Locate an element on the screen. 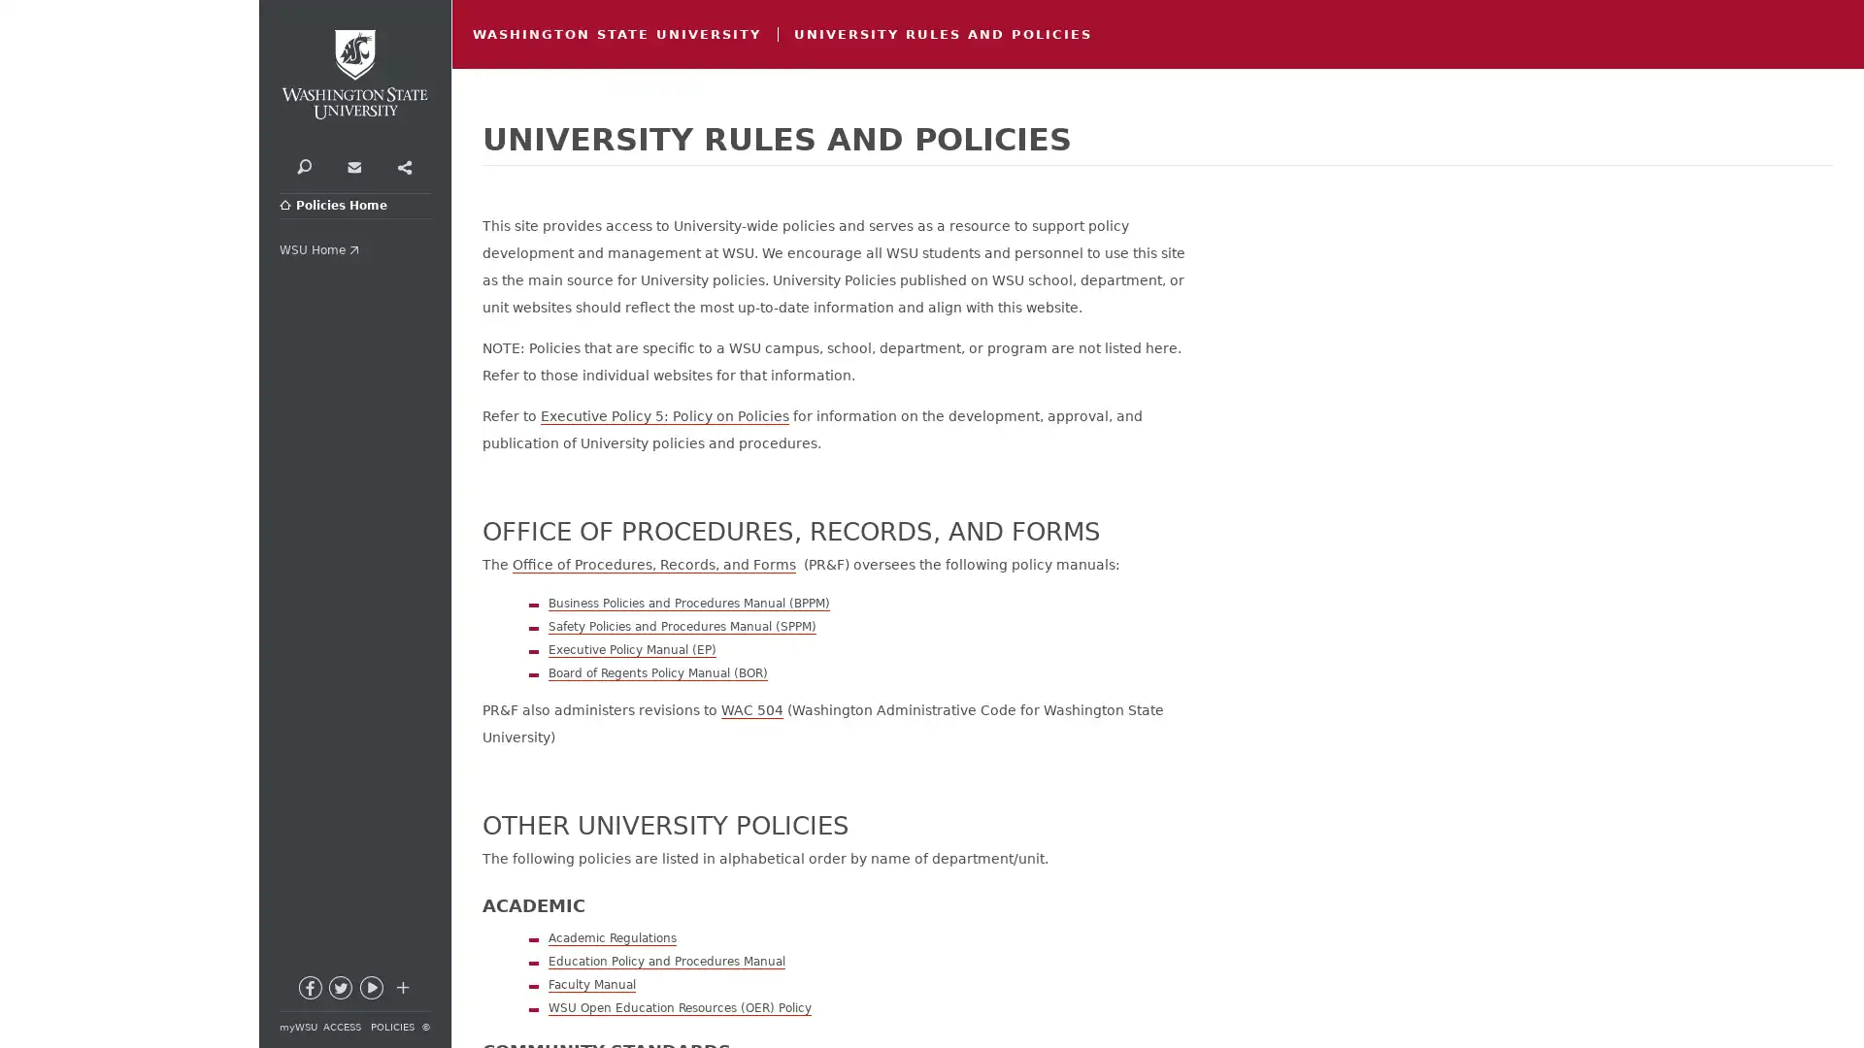 The image size is (1864, 1048). $ Search is located at coordinates (303, 164).